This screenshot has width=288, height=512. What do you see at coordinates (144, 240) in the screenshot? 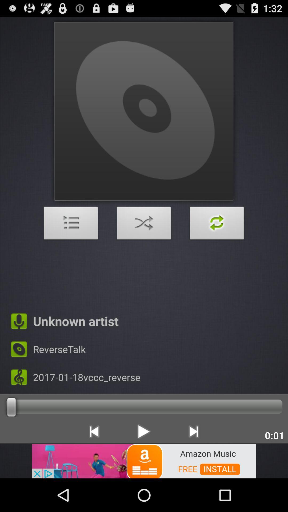
I see `the close icon` at bounding box center [144, 240].